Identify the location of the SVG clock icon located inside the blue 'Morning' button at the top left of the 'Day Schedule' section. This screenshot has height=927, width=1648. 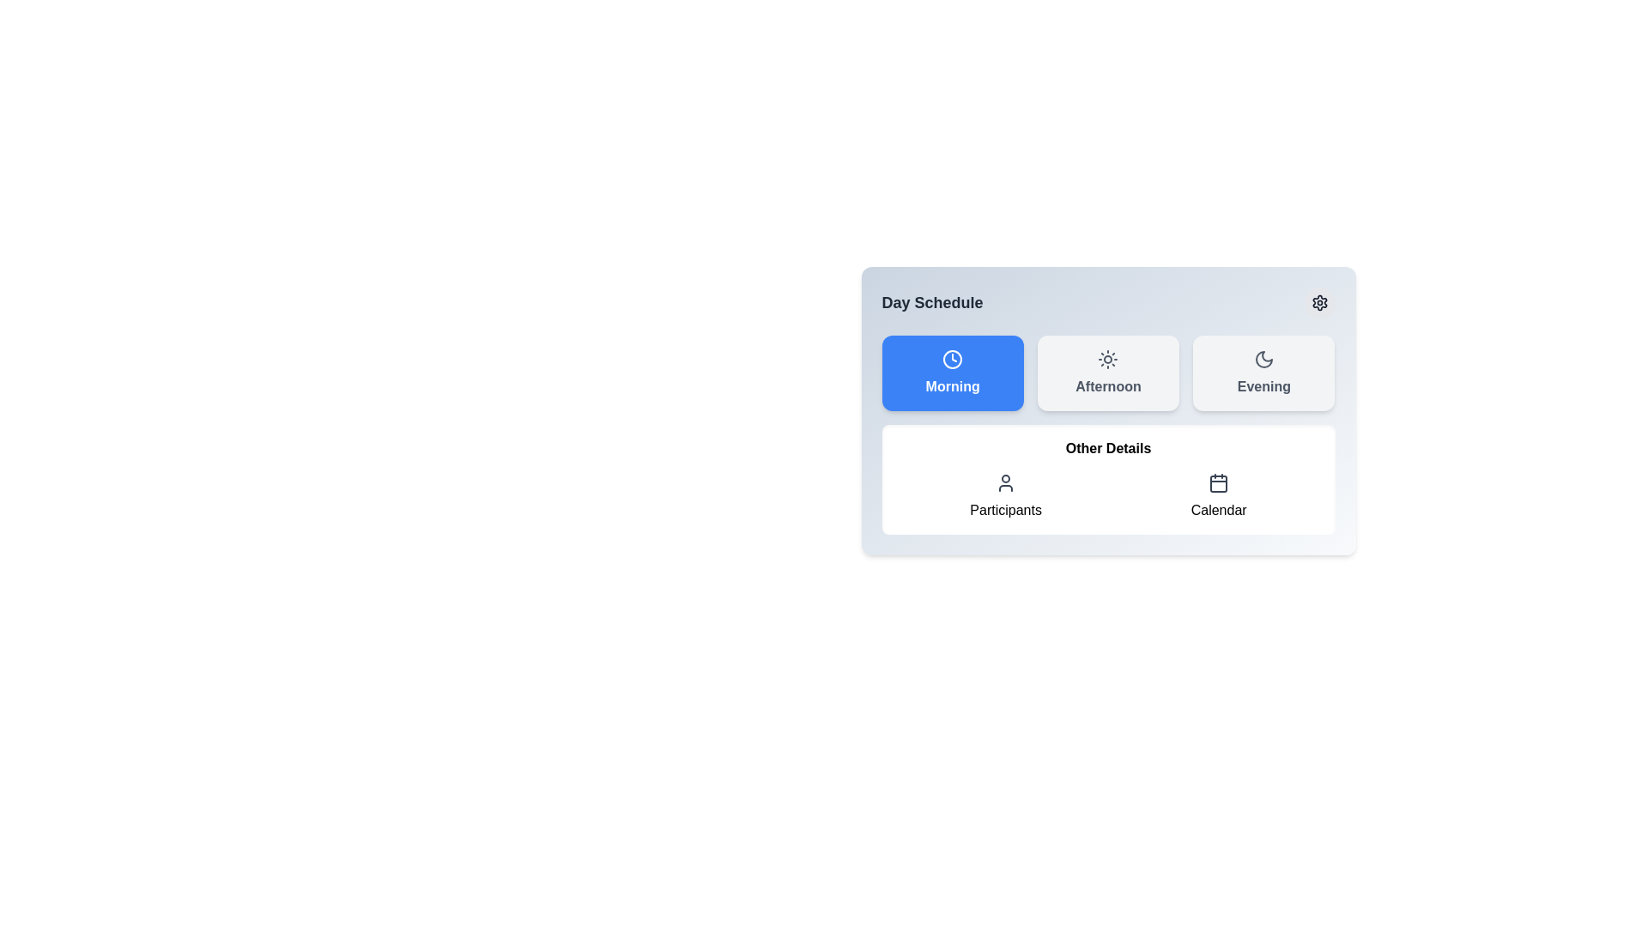
(951, 359).